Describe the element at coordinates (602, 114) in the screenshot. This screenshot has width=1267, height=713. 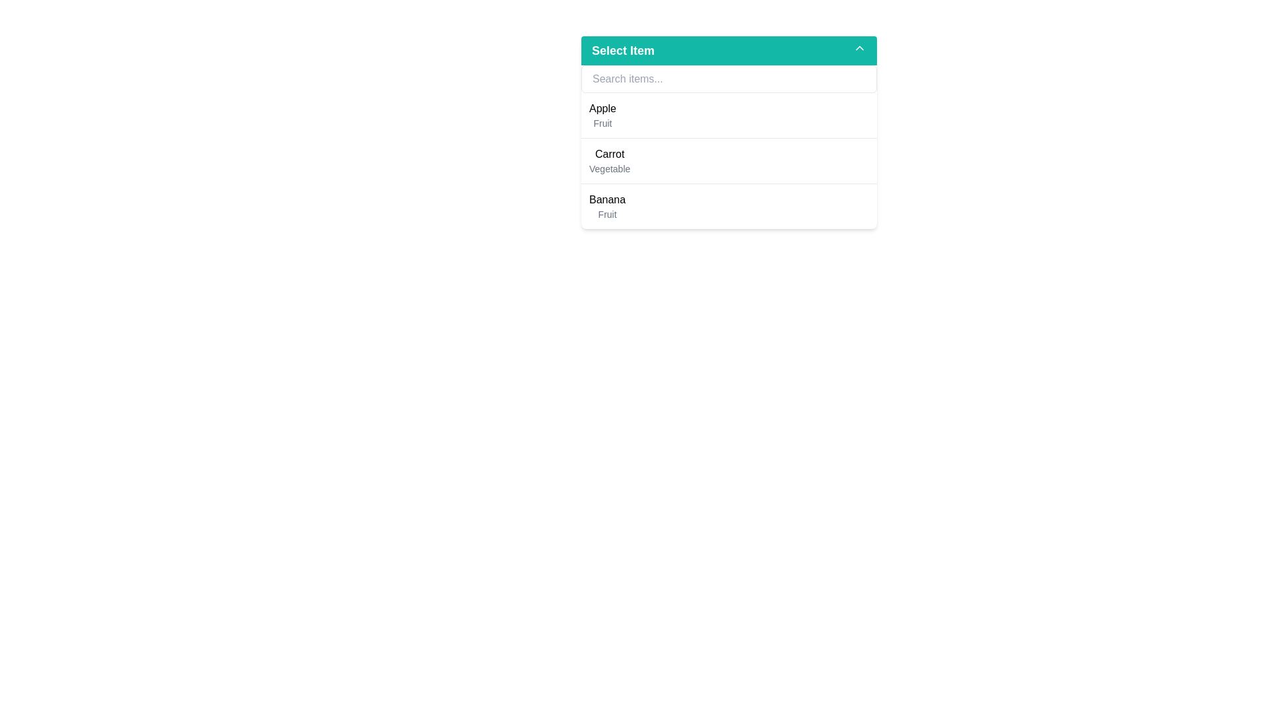
I see `the List Item displaying 'Apple' in bold and 'Fruit' in smaller gray font` at that location.